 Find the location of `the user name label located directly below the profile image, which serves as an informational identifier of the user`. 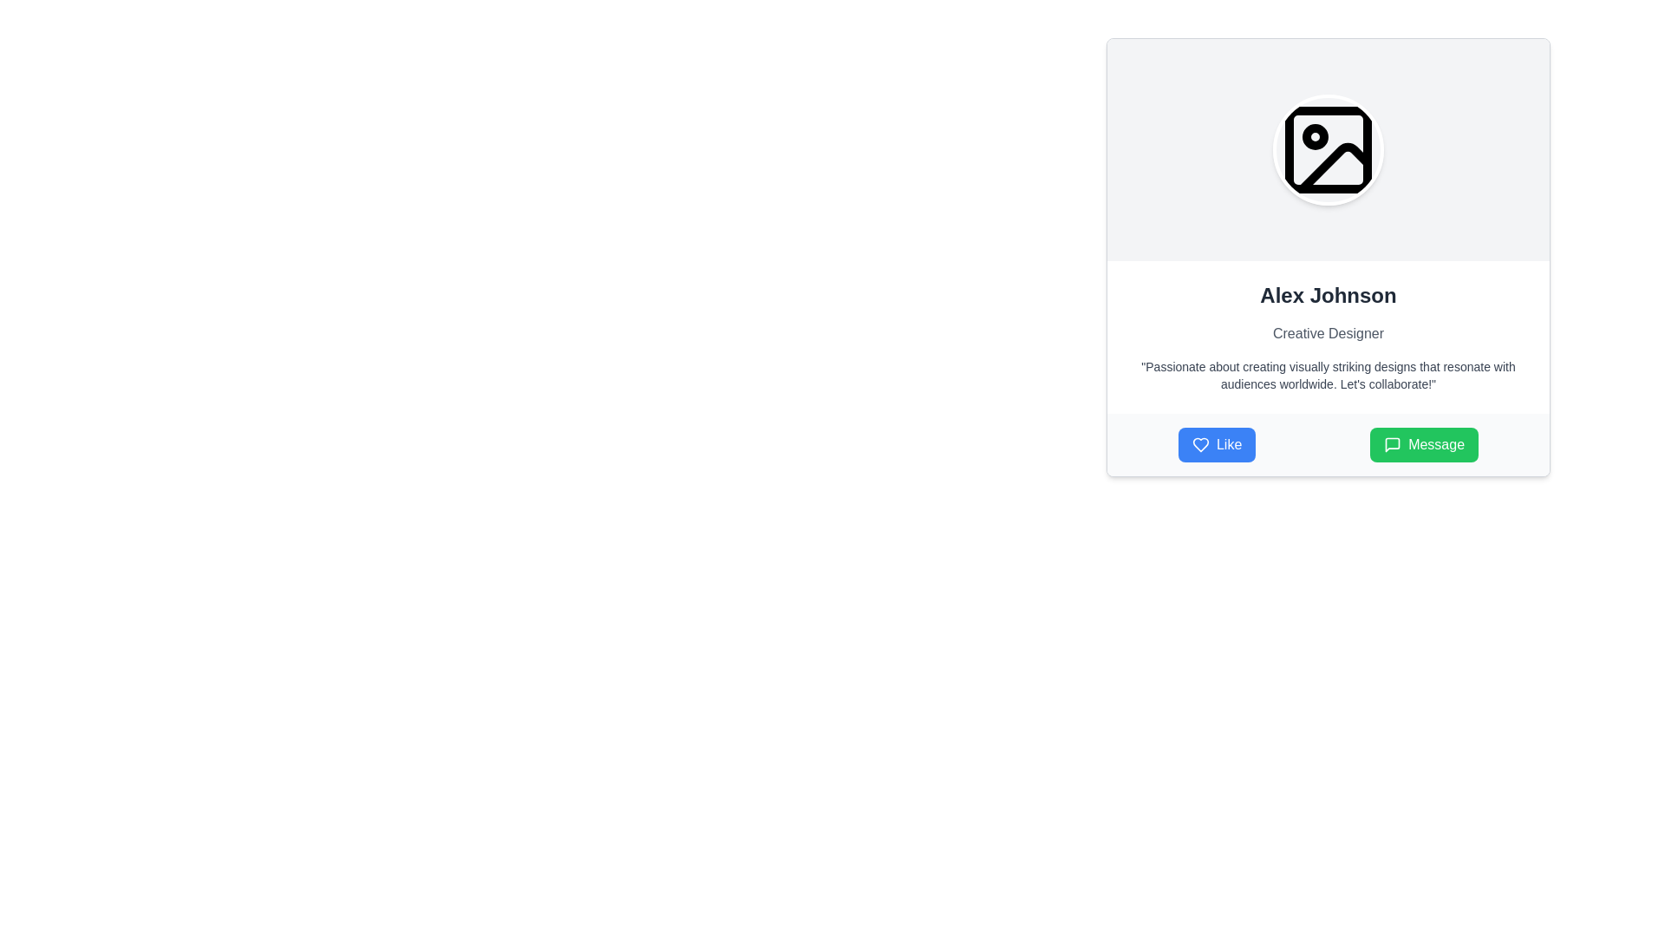

the user name label located directly below the profile image, which serves as an informational identifier of the user is located at coordinates (1327, 294).